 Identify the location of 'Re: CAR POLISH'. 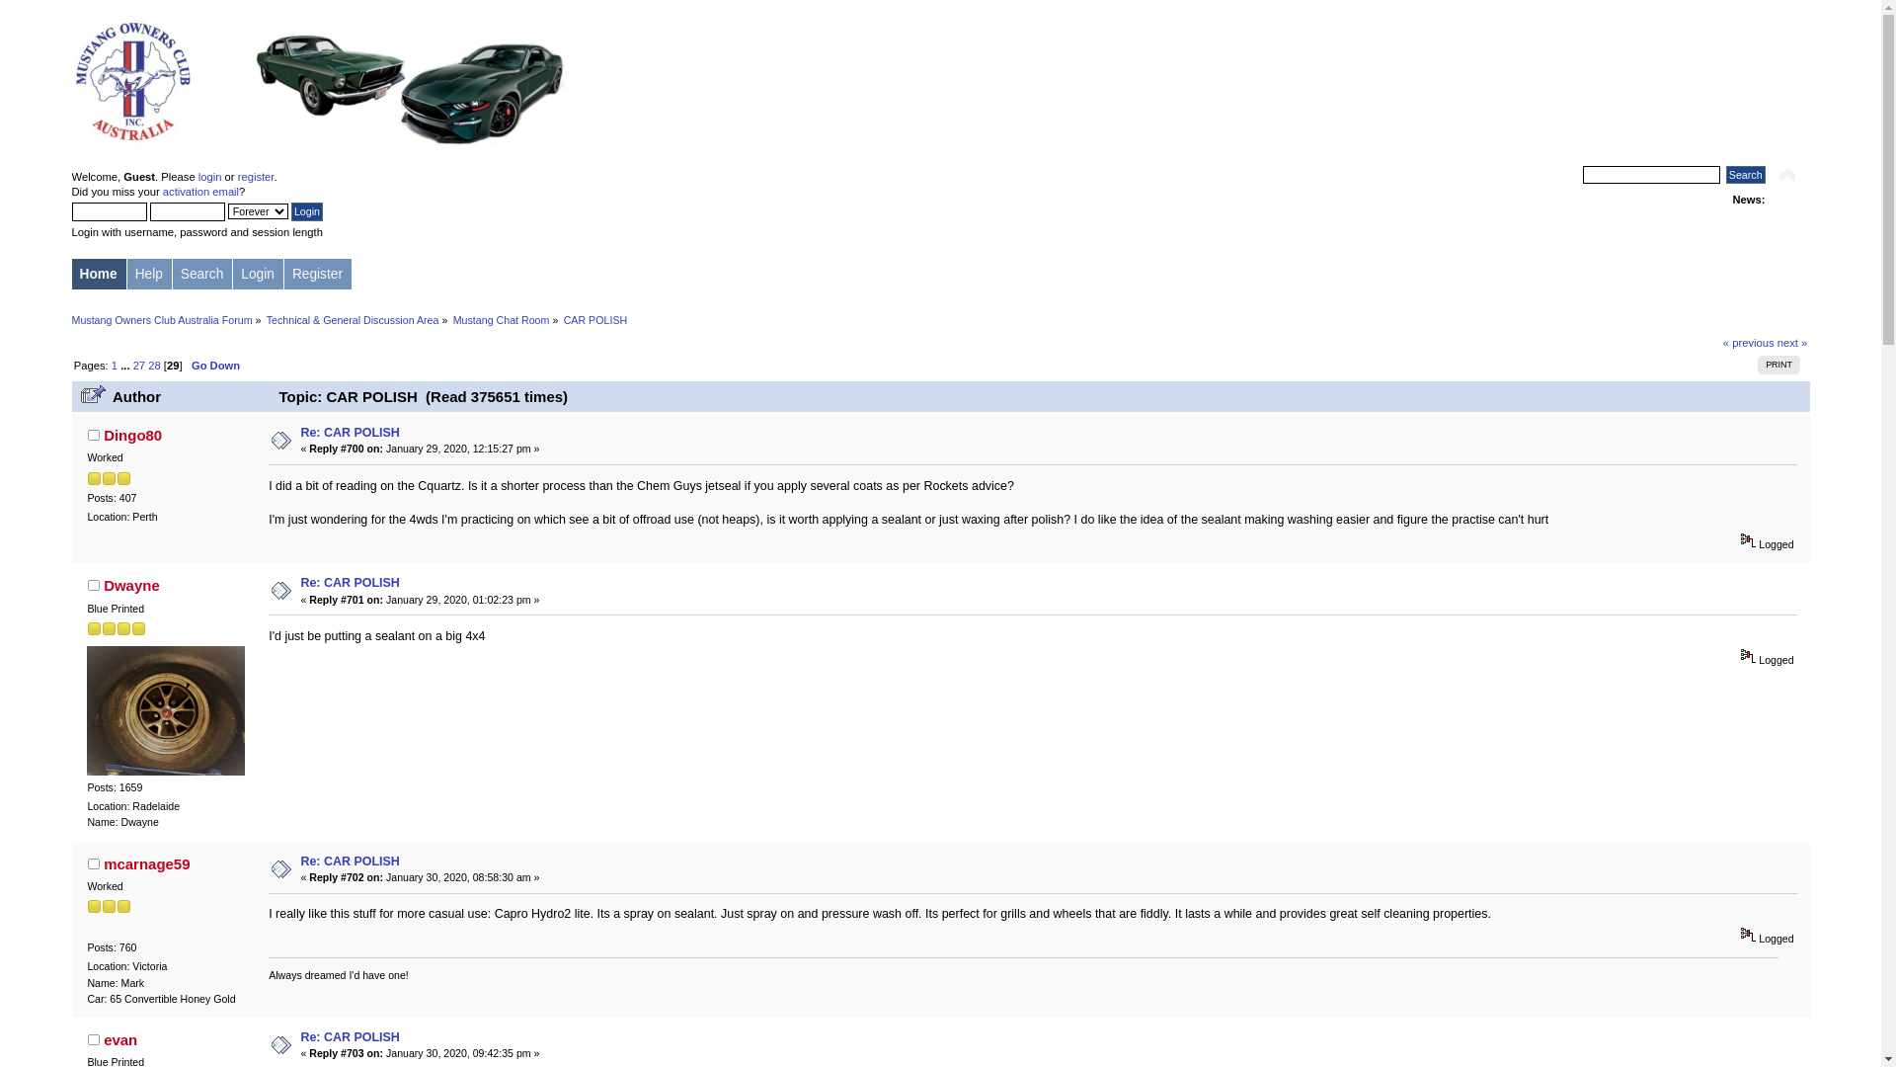
(350, 1035).